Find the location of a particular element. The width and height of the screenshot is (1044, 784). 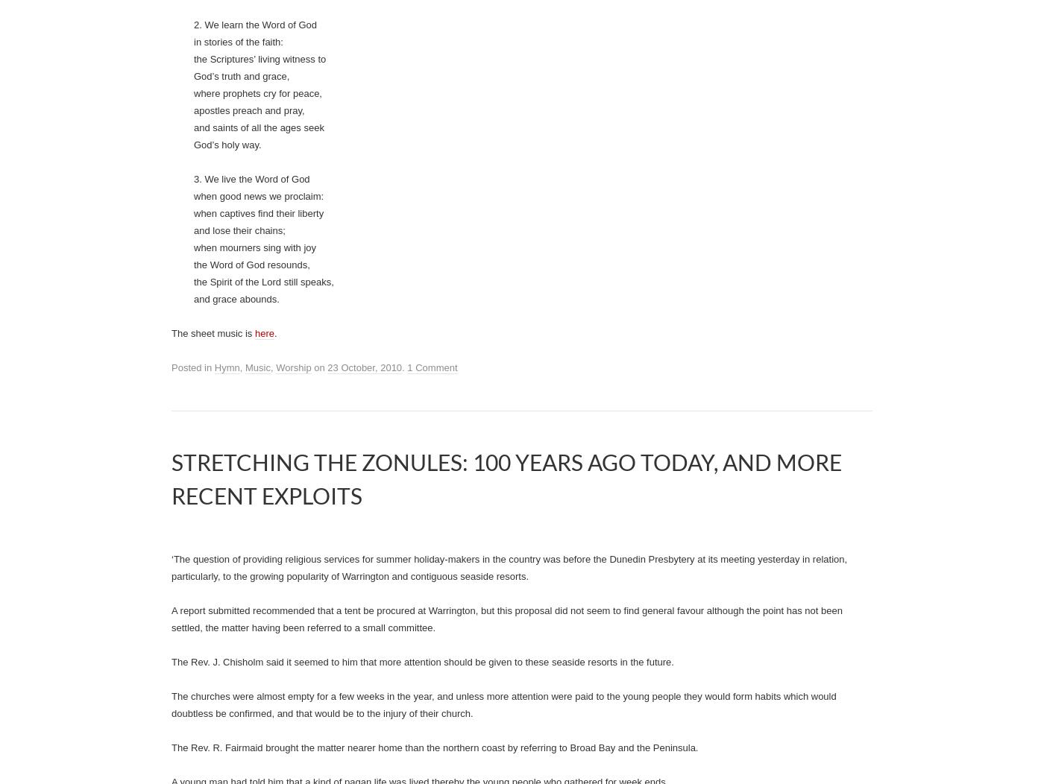

'where prophets cry for peace,' is located at coordinates (257, 665).